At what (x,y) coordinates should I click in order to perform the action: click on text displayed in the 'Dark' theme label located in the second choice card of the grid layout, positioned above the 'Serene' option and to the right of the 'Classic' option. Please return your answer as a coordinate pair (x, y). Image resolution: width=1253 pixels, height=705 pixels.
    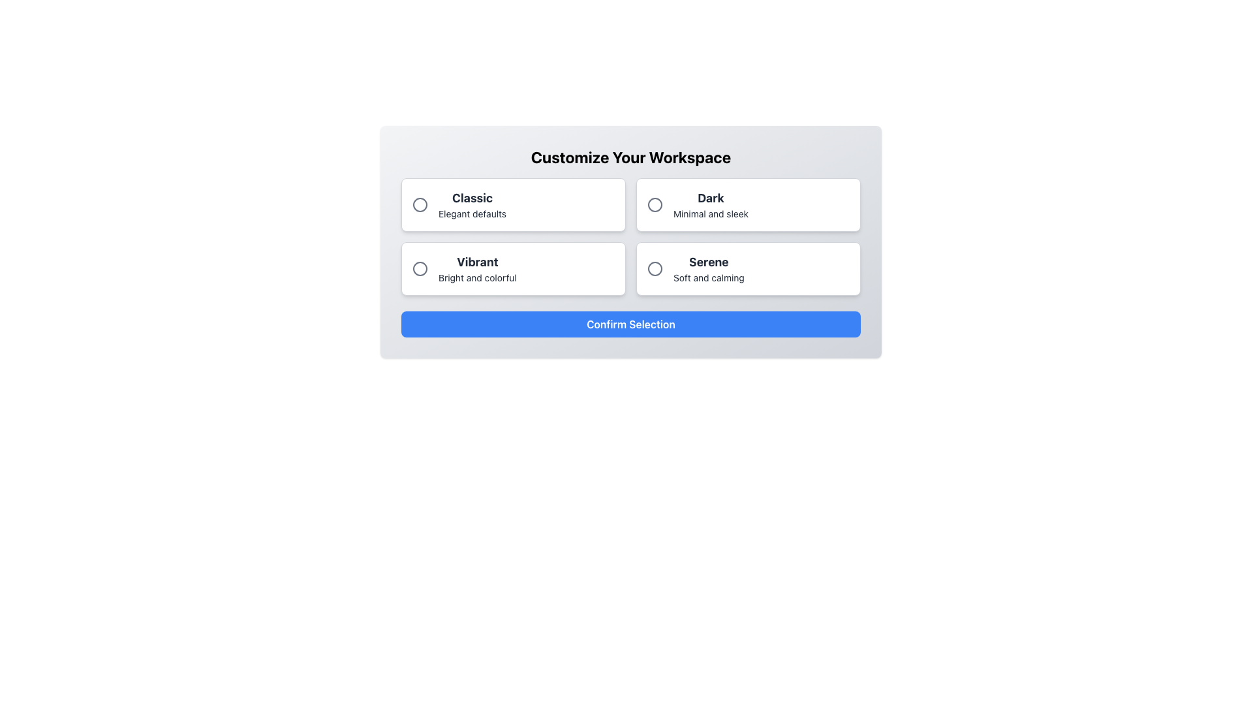
    Looking at the image, I should click on (710, 204).